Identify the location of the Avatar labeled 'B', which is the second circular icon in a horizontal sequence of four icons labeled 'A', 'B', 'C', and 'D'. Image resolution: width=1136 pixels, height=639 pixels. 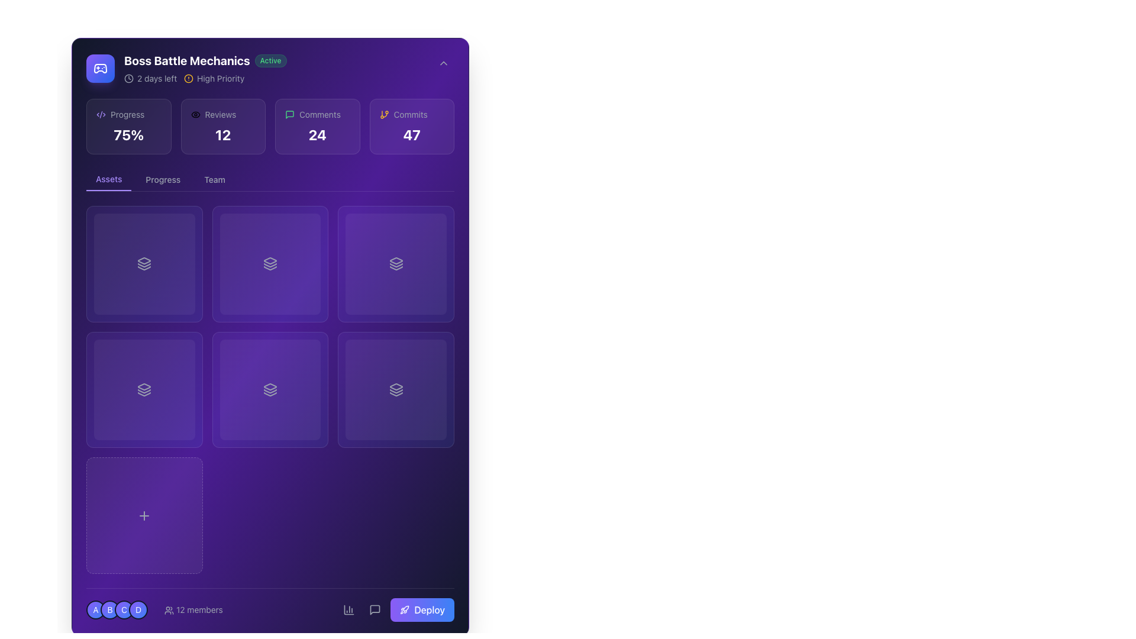
(110, 609).